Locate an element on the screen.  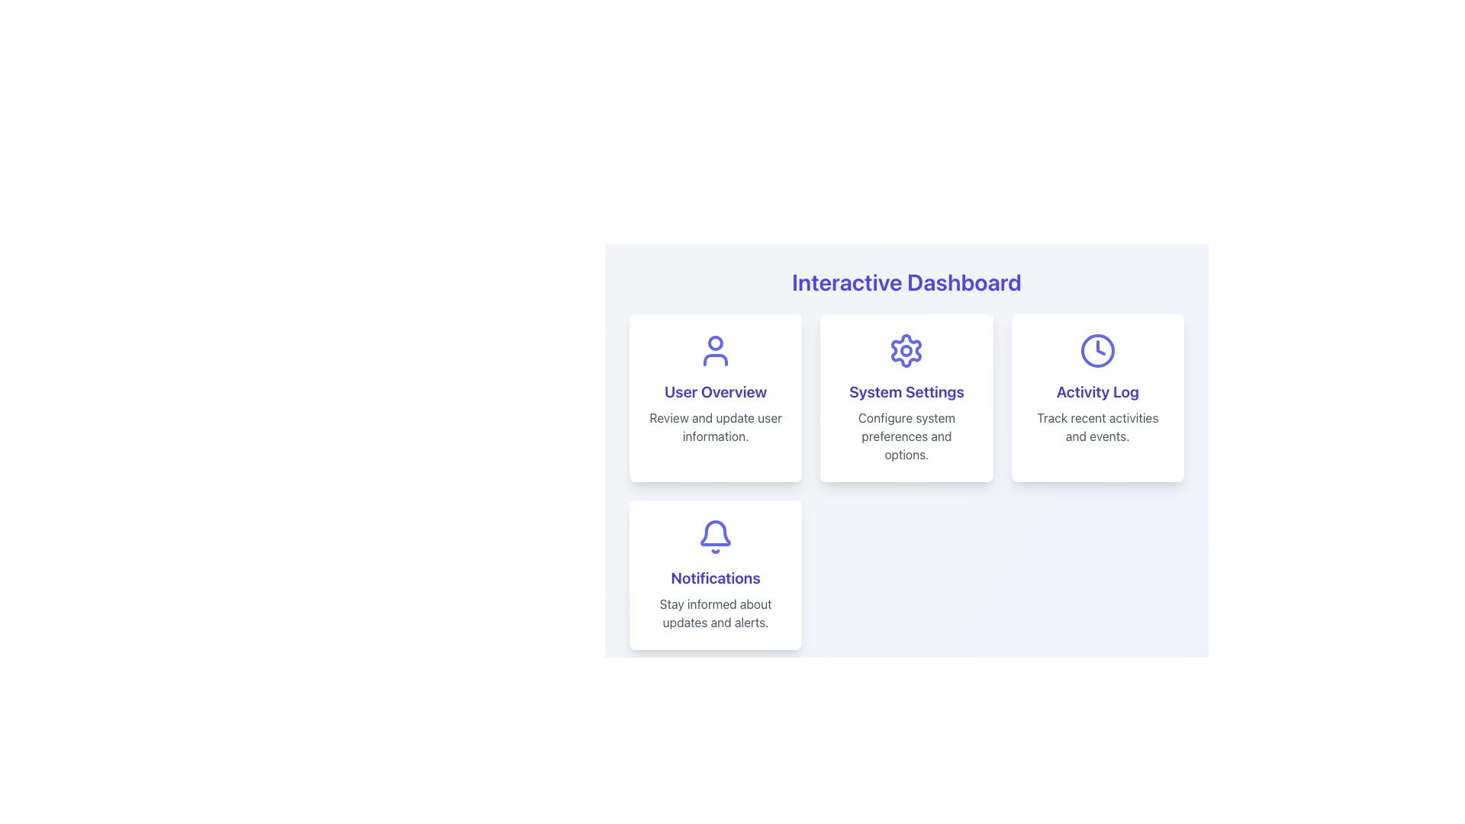
the outline-style user icon located at the top center of the 'User Overview' card, which features a circular head and semi-circular body in indigo is located at coordinates (715, 350).